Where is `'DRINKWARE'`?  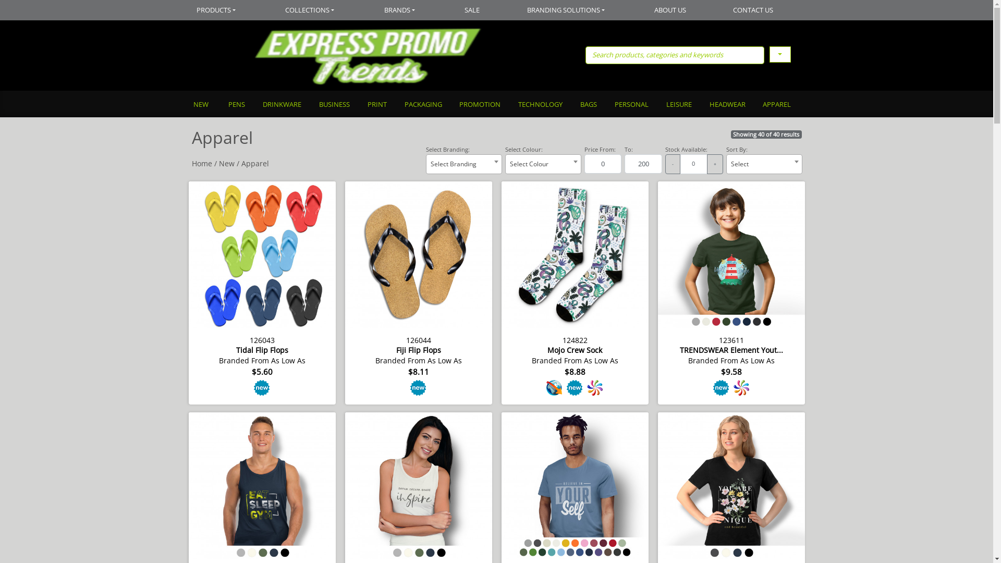 'DRINKWARE' is located at coordinates (281, 105).